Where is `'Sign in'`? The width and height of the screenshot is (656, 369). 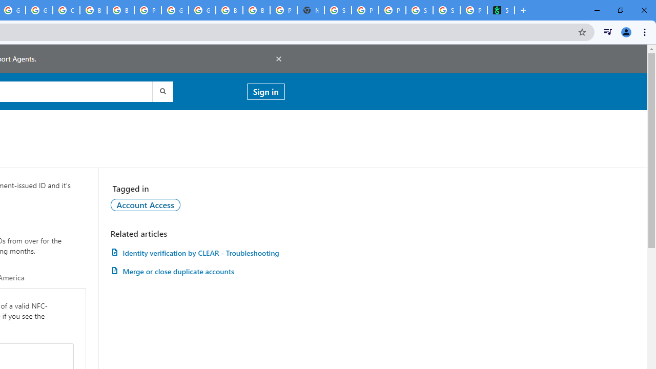 'Sign in' is located at coordinates (265, 91).